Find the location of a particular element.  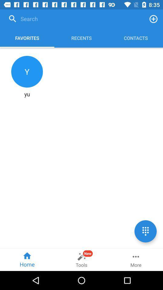

call is located at coordinates (145, 231).